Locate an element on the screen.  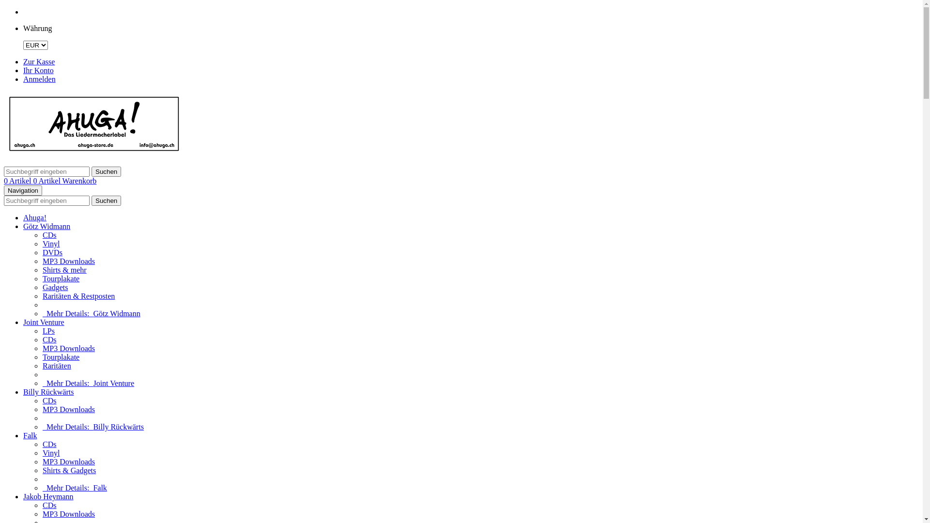
'Zur Kasse' is located at coordinates (39, 62).